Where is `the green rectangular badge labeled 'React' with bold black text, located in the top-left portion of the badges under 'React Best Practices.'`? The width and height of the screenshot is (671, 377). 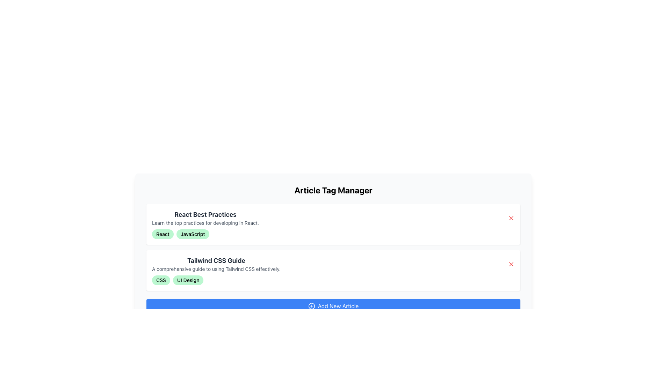
the green rectangular badge labeled 'React' with bold black text, located in the top-left portion of the badges under 'React Best Practices.' is located at coordinates (162, 234).